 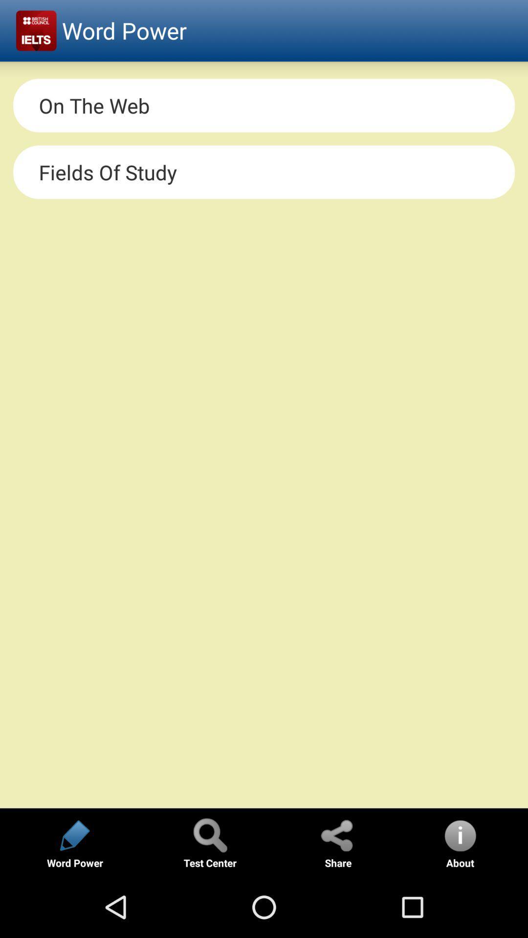 I want to click on fields of study icon, so click(x=264, y=172).